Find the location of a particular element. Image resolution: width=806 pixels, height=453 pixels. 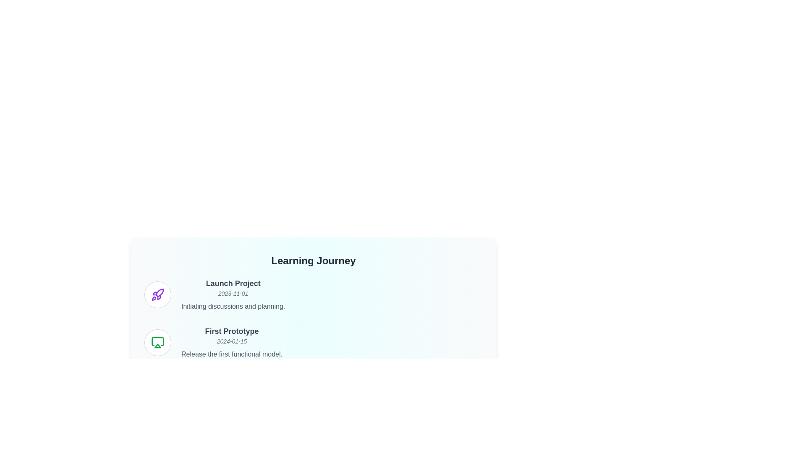

the text label that reads 'First Prototype', which is styled in bold and dark gray, located in the second row of a vertical list of milestones is located at coordinates (232, 331).